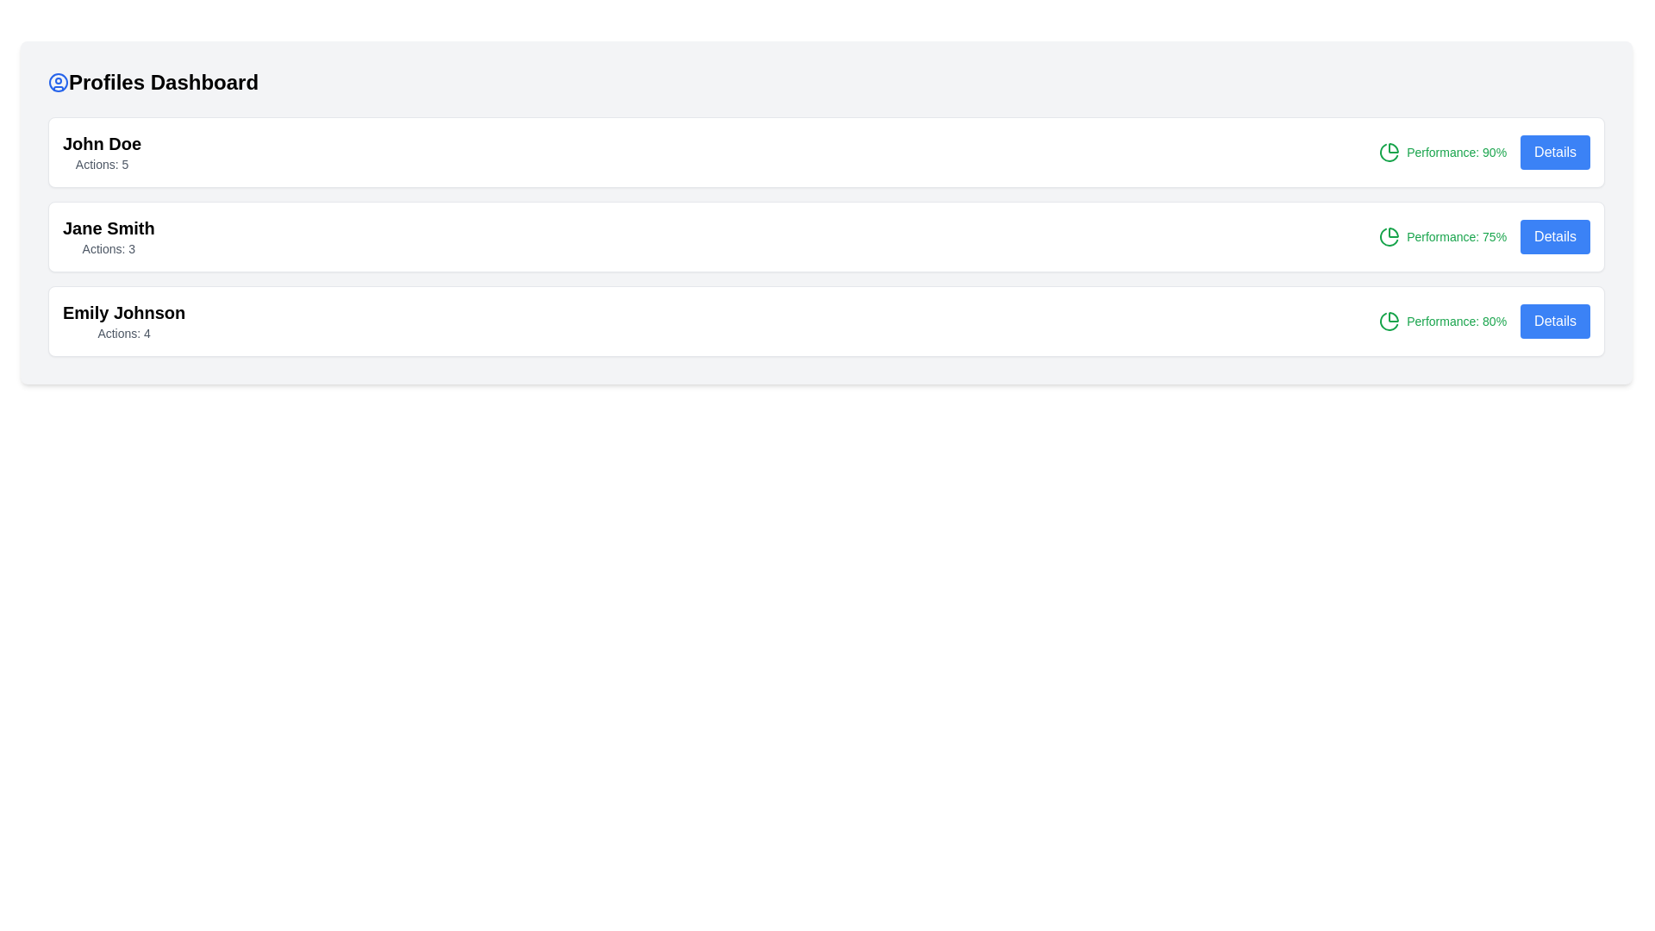 This screenshot has width=1655, height=931. I want to click on the rightmost button in the performance row for Jane Smith, so click(1555, 236).